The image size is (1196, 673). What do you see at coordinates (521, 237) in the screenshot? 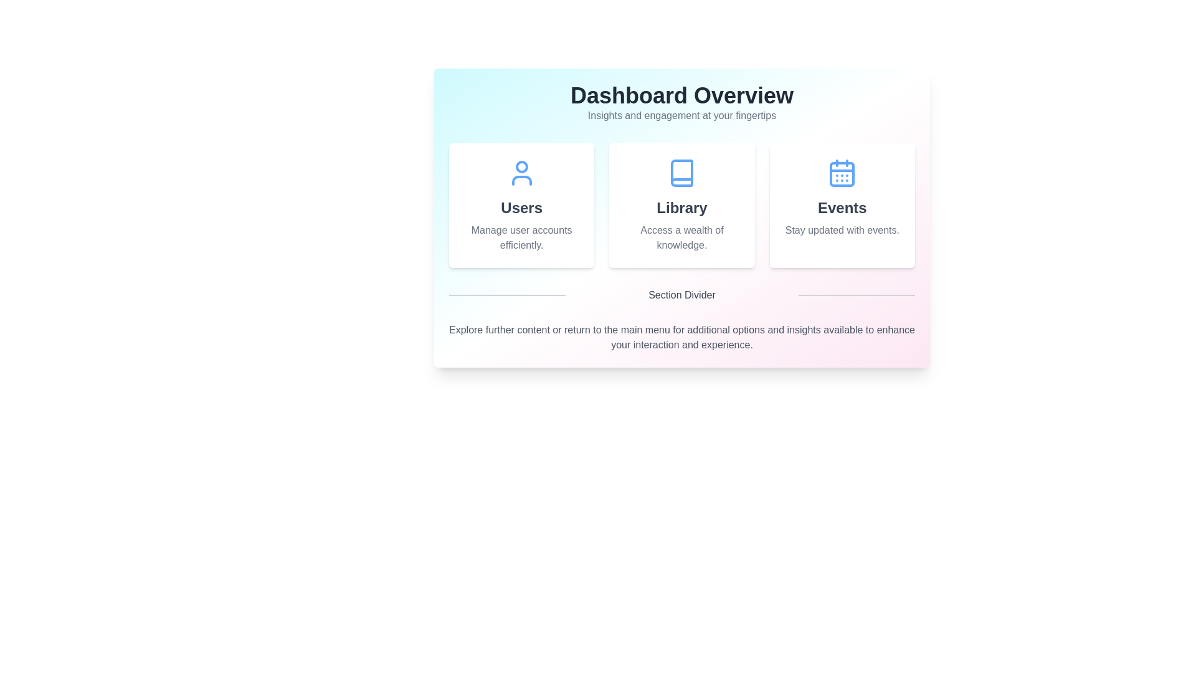
I see `the light gray text label 'Manage user accounts efficiently.' located beneath the title 'Users' within the 'Users' card` at bounding box center [521, 237].